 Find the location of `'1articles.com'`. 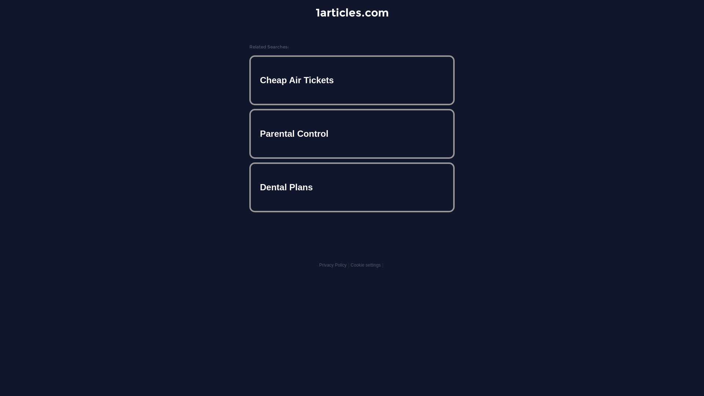

'1articles.com' is located at coordinates (351, 12).